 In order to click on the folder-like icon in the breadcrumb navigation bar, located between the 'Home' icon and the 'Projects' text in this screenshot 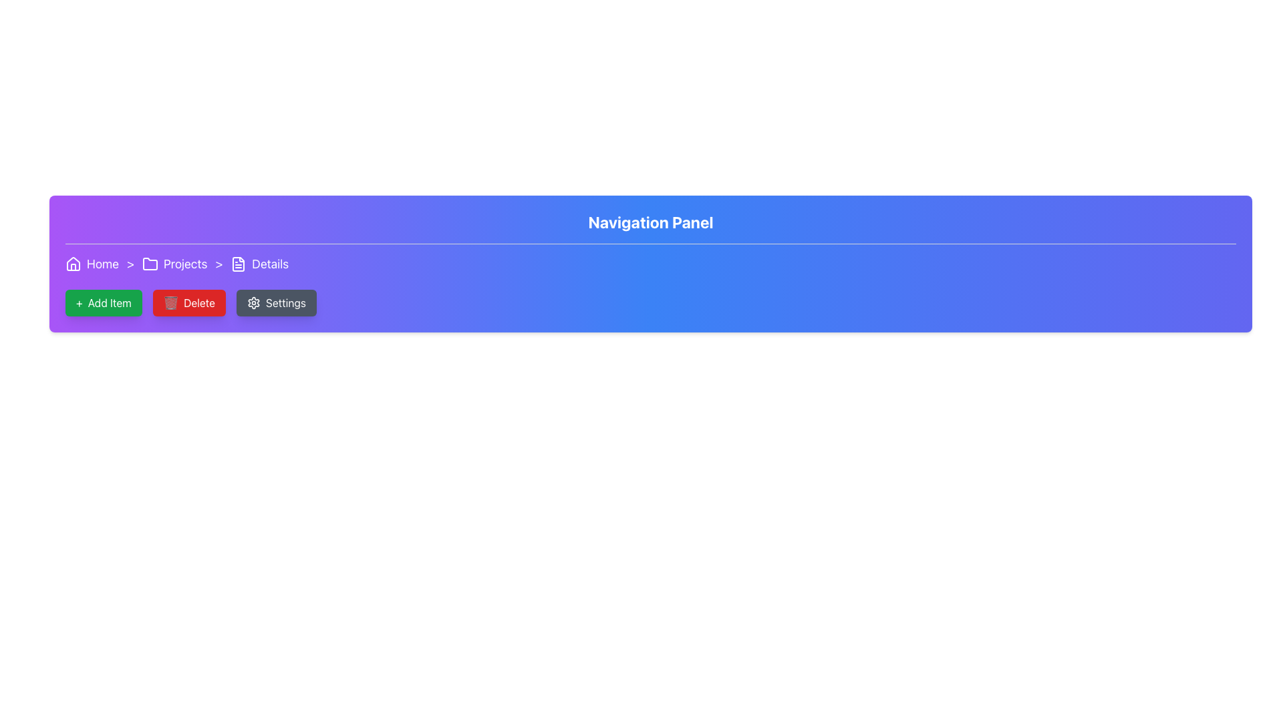, I will do `click(150, 264)`.